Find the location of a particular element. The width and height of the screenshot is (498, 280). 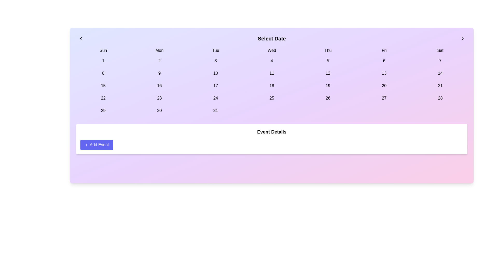

the button located at the top-right corner of the interface, which navigates to the next set of dates in the calendar component is located at coordinates (463, 38).